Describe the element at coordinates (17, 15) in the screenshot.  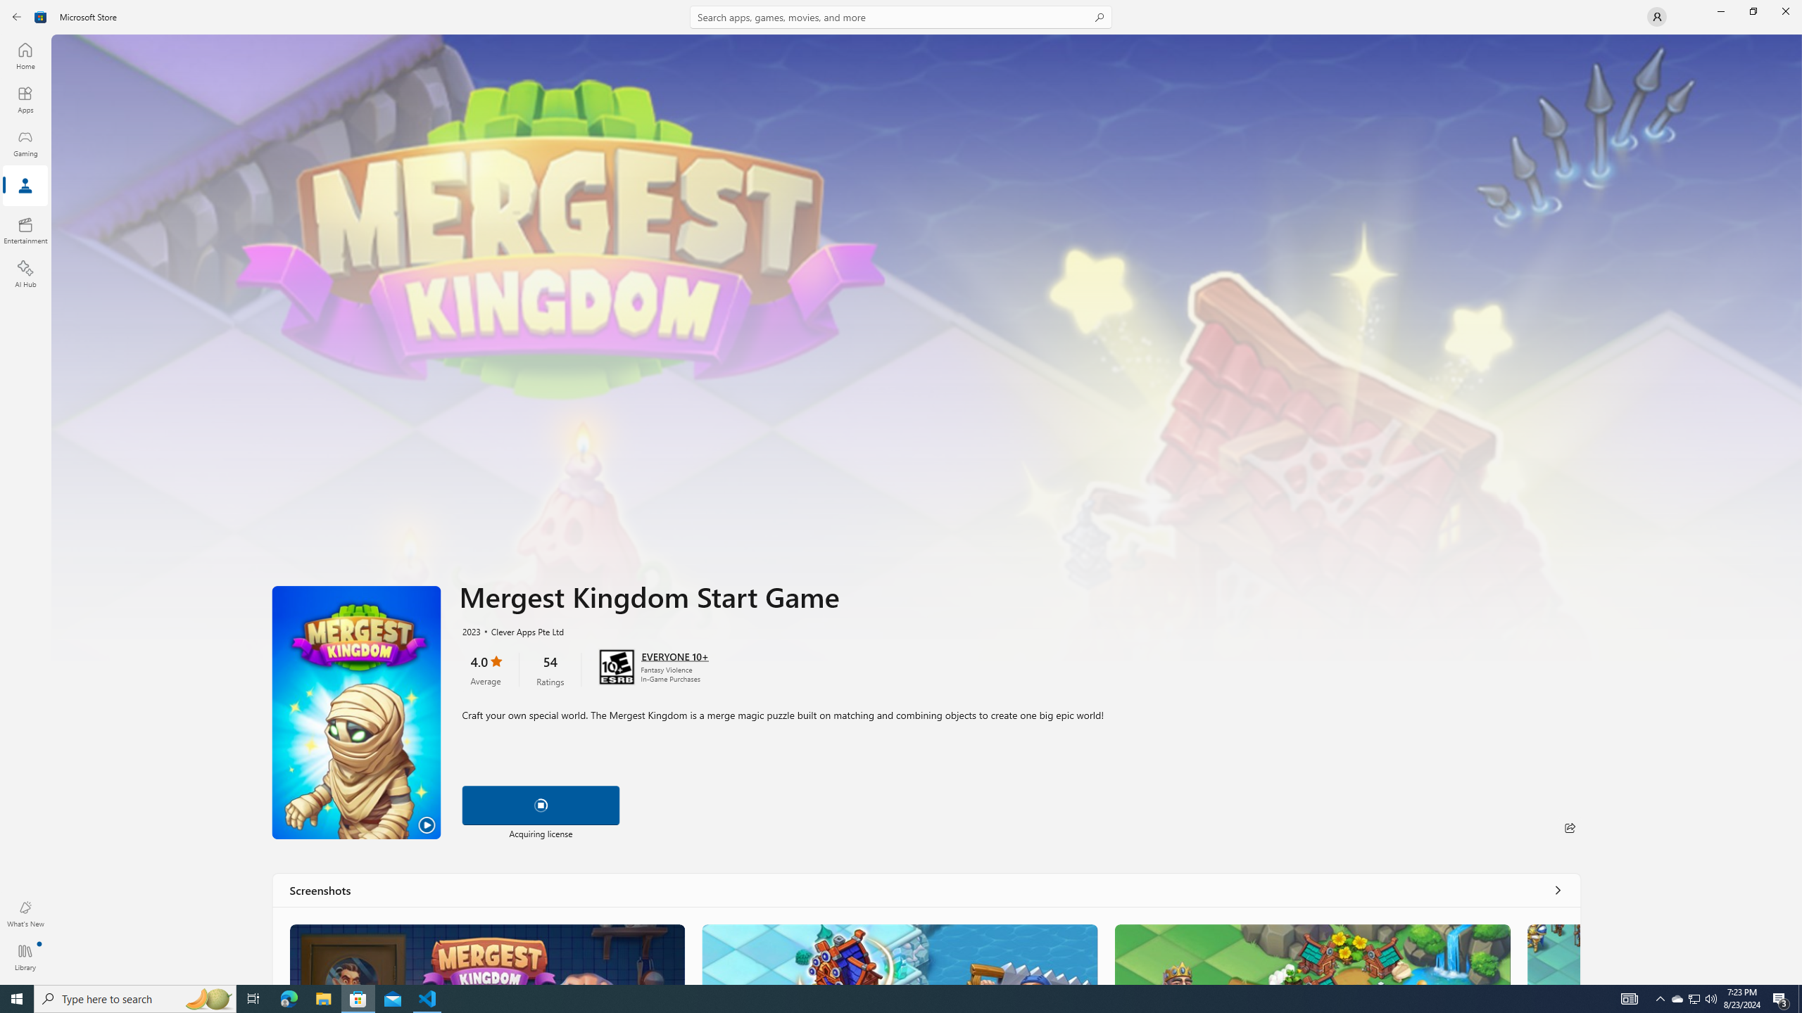
I see `'Back'` at that location.